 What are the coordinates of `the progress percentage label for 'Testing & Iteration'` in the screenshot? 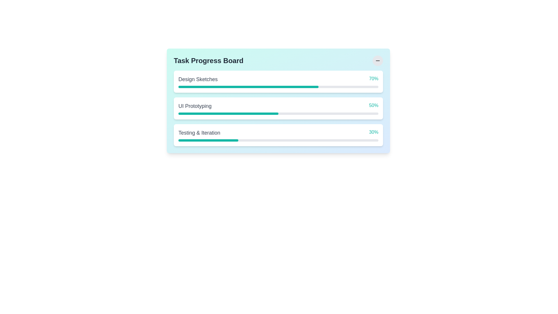 It's located at (374, 133).